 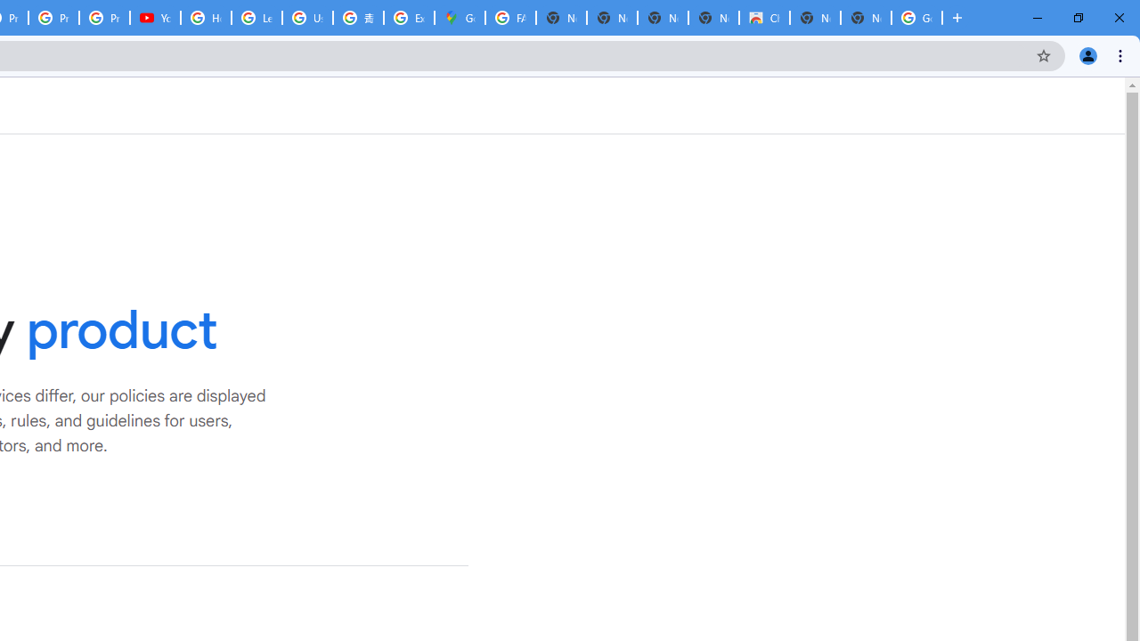 What do you see at coordinates (460, 18) in the screenshot?
I see `'Google Maps'` at bounding box center [460, 18].